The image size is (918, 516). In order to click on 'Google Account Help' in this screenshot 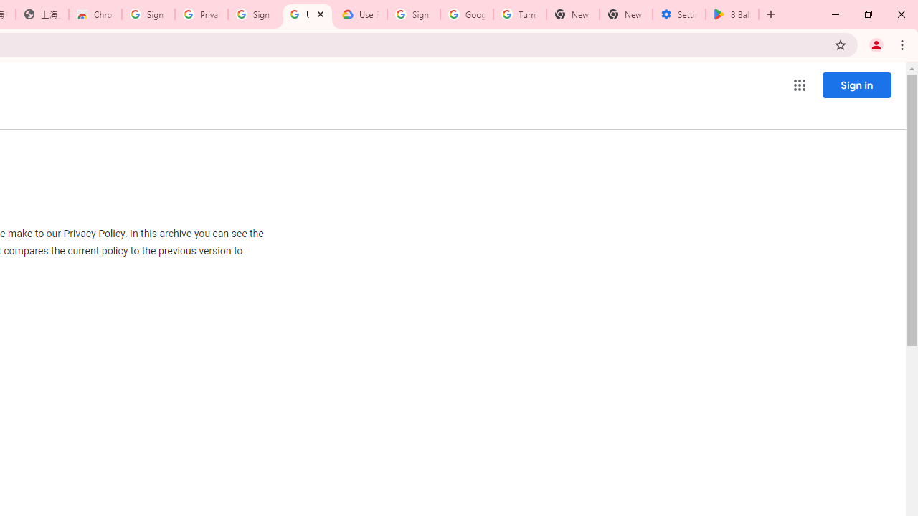, I will do `click(467, 14)`.